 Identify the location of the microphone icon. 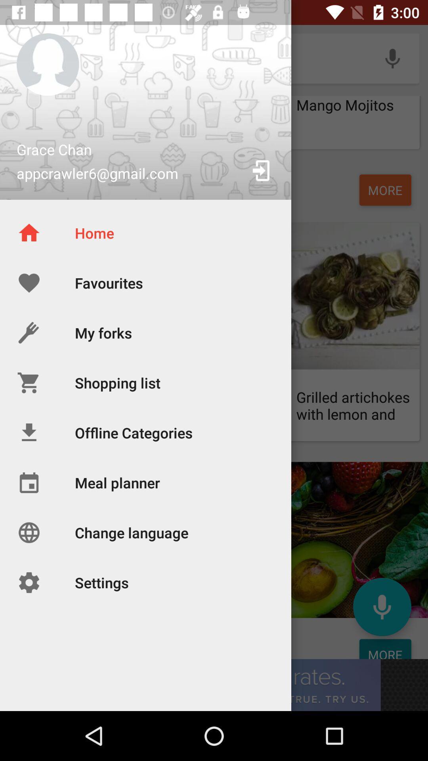
(392, 58).